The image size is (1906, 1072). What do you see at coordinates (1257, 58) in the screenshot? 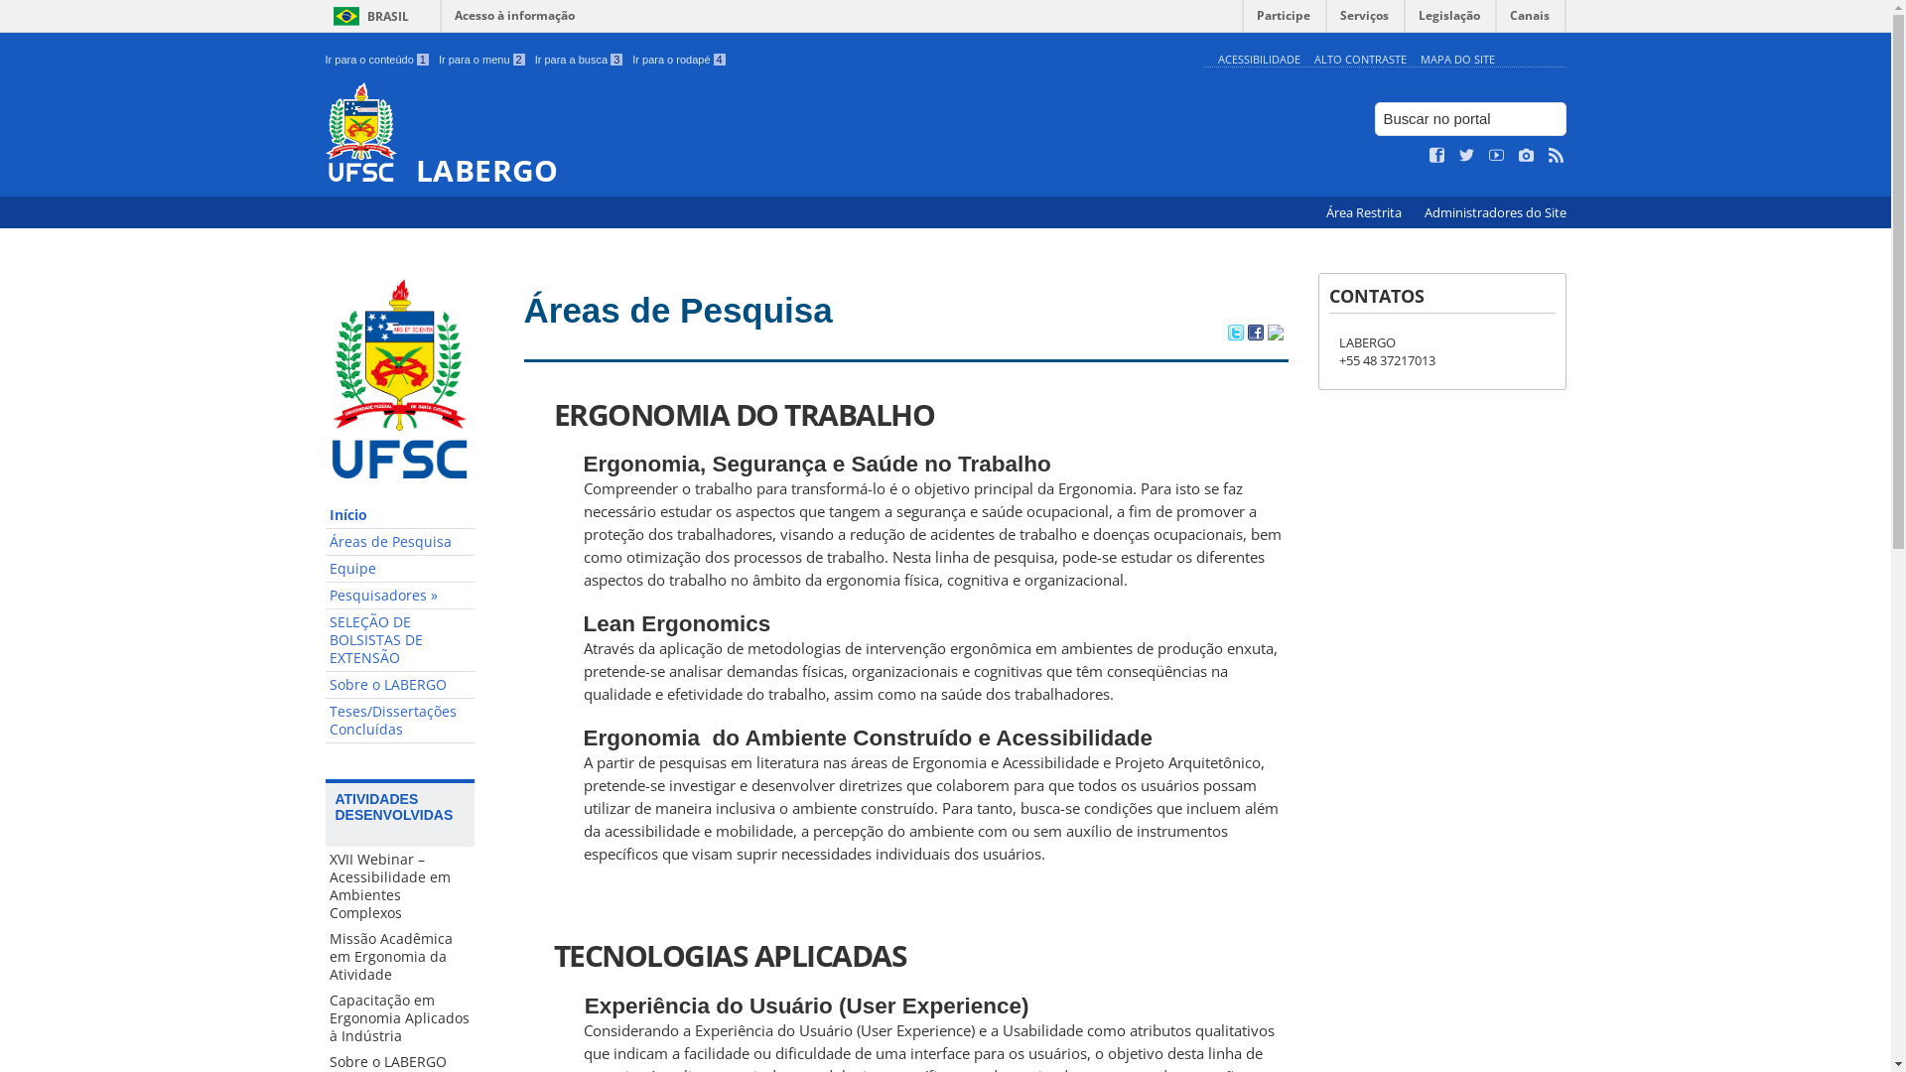
I see `'ACESSIBILIDADE'` at bounding box center [1257, 58].